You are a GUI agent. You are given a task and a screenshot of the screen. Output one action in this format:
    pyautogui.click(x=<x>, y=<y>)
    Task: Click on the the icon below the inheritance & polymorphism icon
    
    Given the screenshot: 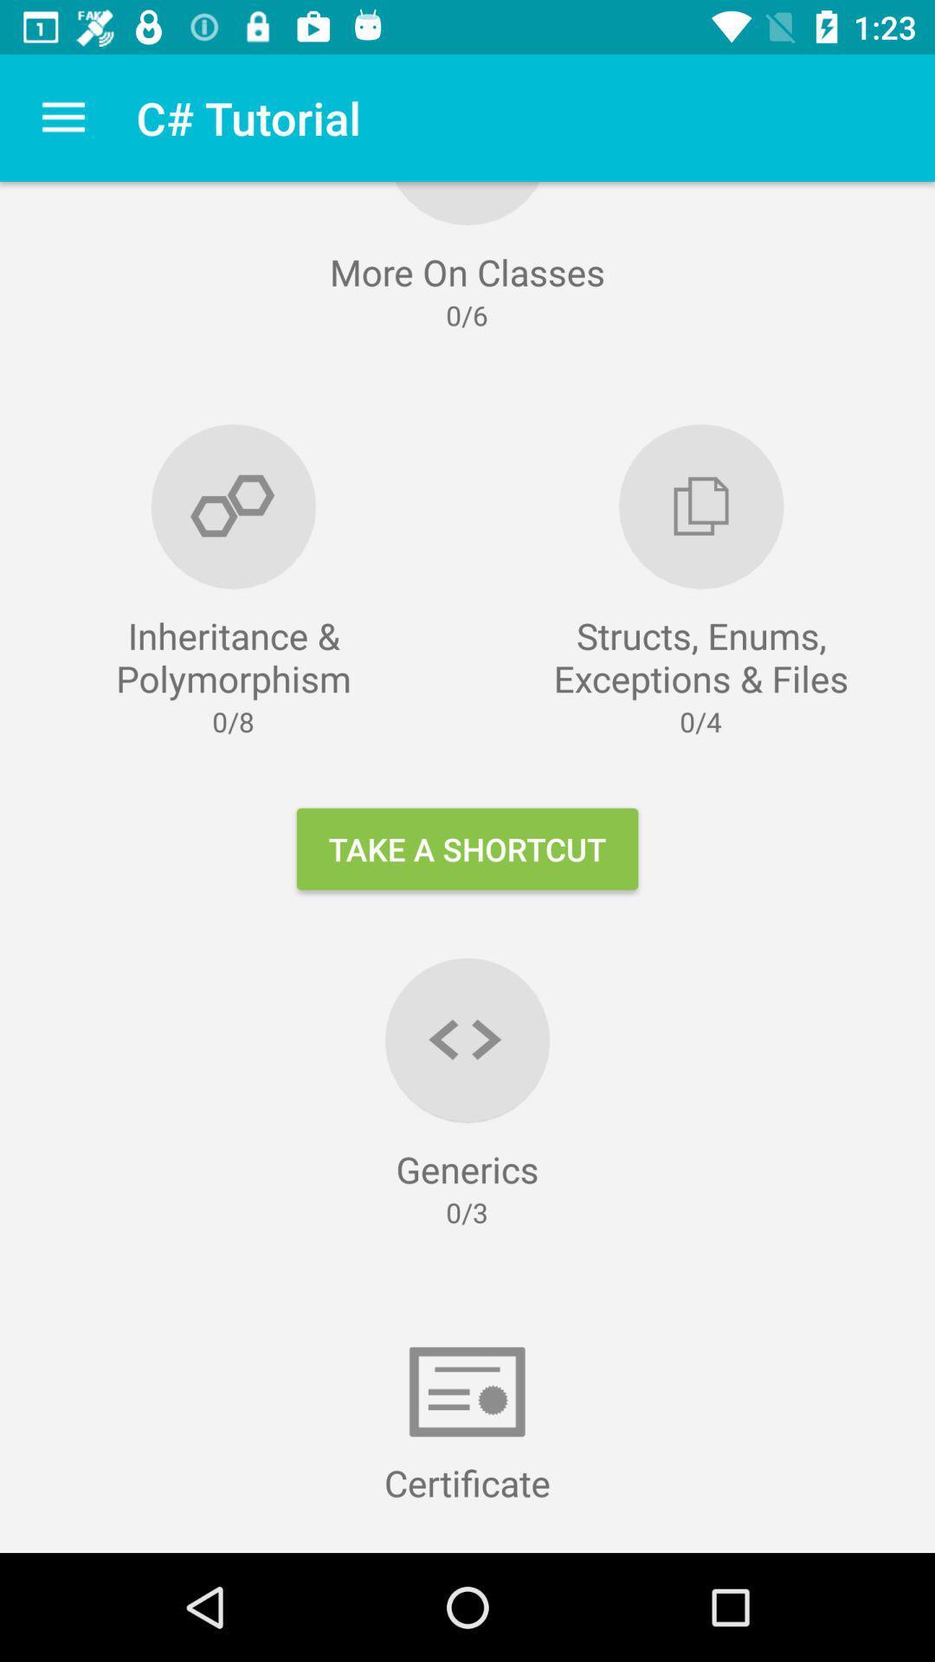 What is the action you would take?
    pyautogui.click(x=467, y=848)
    